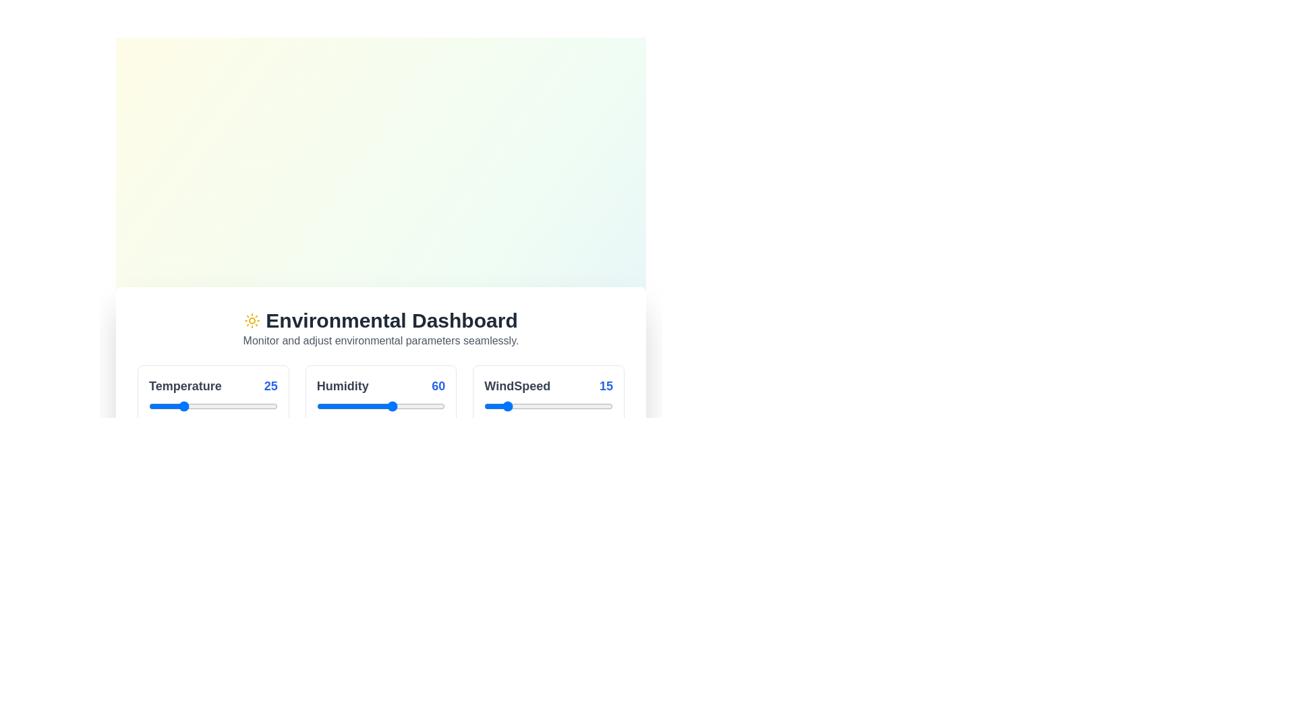 The height and width of the screenshot is (728, 1295). What do you see at coordinates (548, 404) in the screenshot?
I see `the 'WindSpeed' control panel slider element which displays a numeric value '15' in blue and has scale indicators for '0' and '100'` at bounding box center [548, 404].